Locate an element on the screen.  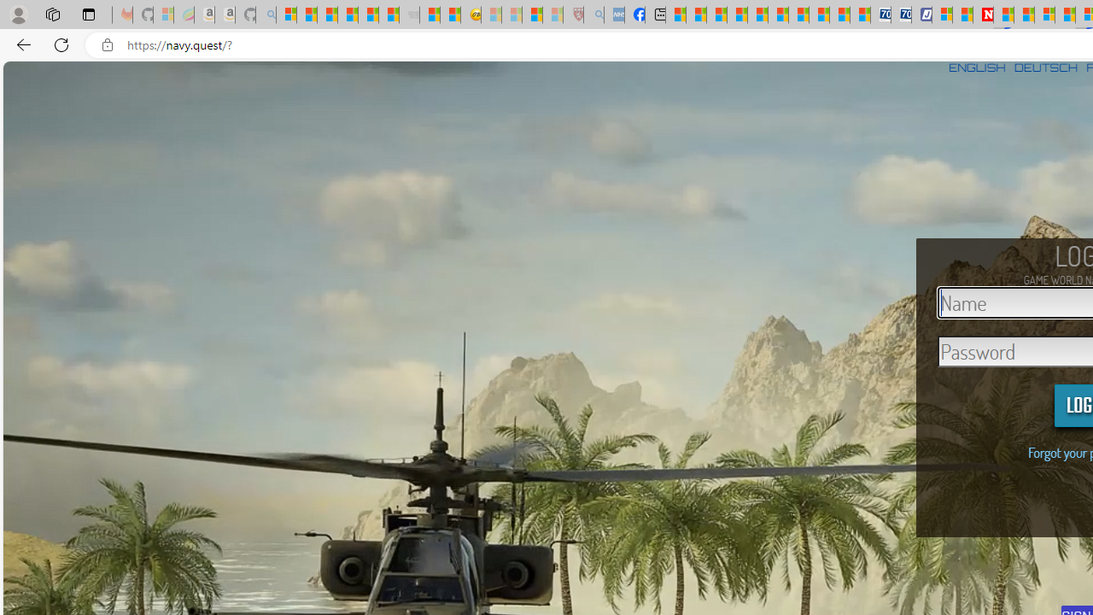
'14 Common Myths Debunked By Scientific Facts' is located at coordinates (1024, 15).